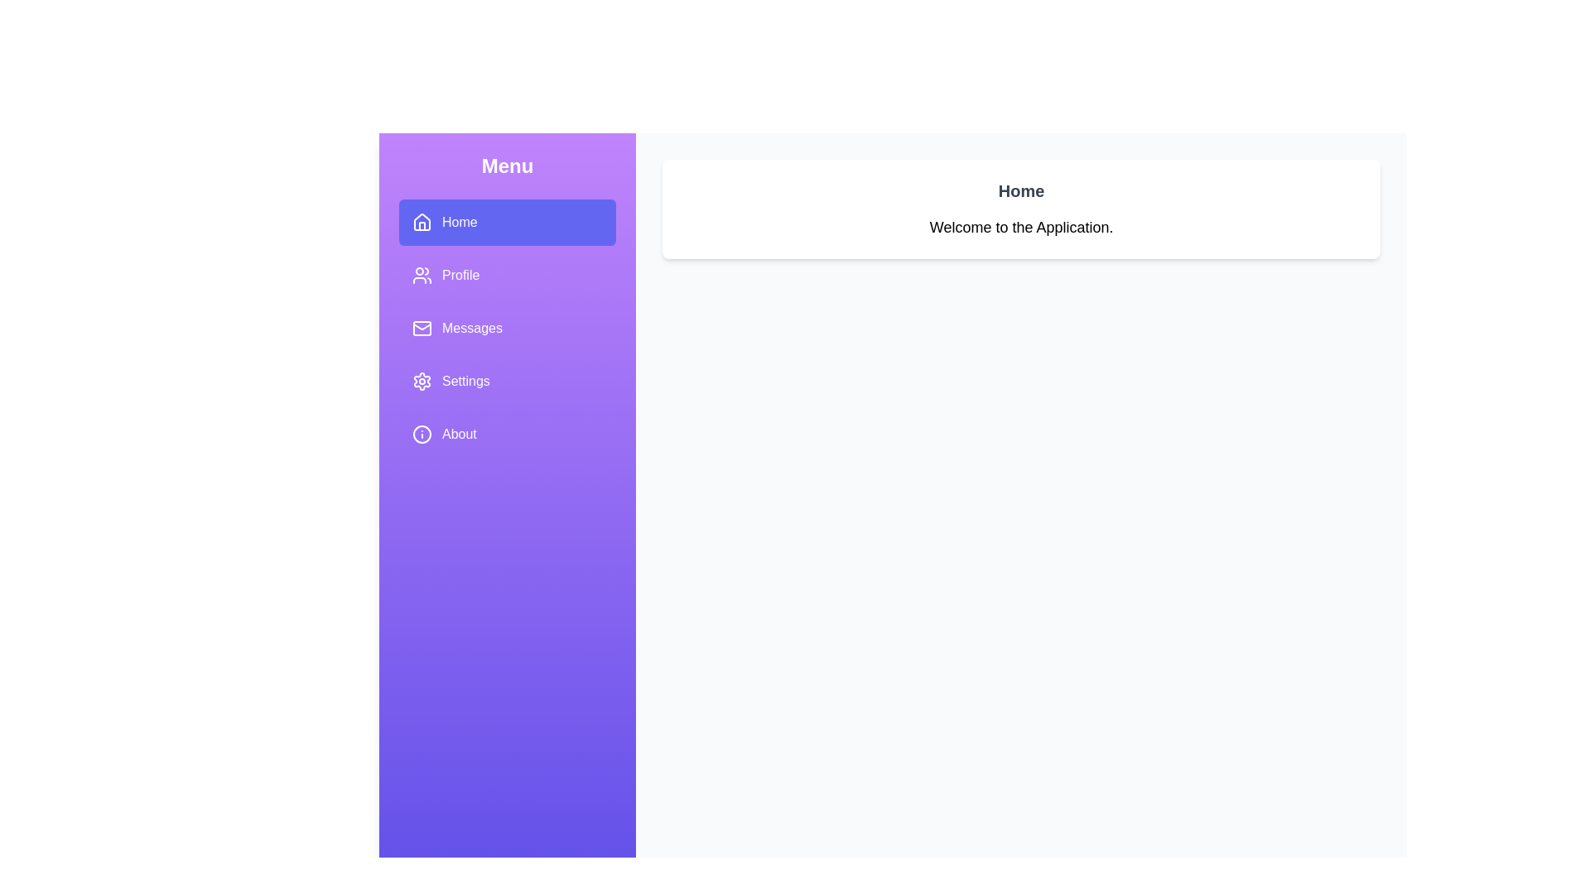 Image resolution: width=1590 pixels, height=894 pixels. I want to click on the text label displaying 'Messages' in the vertical sidebar menu, which is styled in white on a purple background, so click(471, 329).